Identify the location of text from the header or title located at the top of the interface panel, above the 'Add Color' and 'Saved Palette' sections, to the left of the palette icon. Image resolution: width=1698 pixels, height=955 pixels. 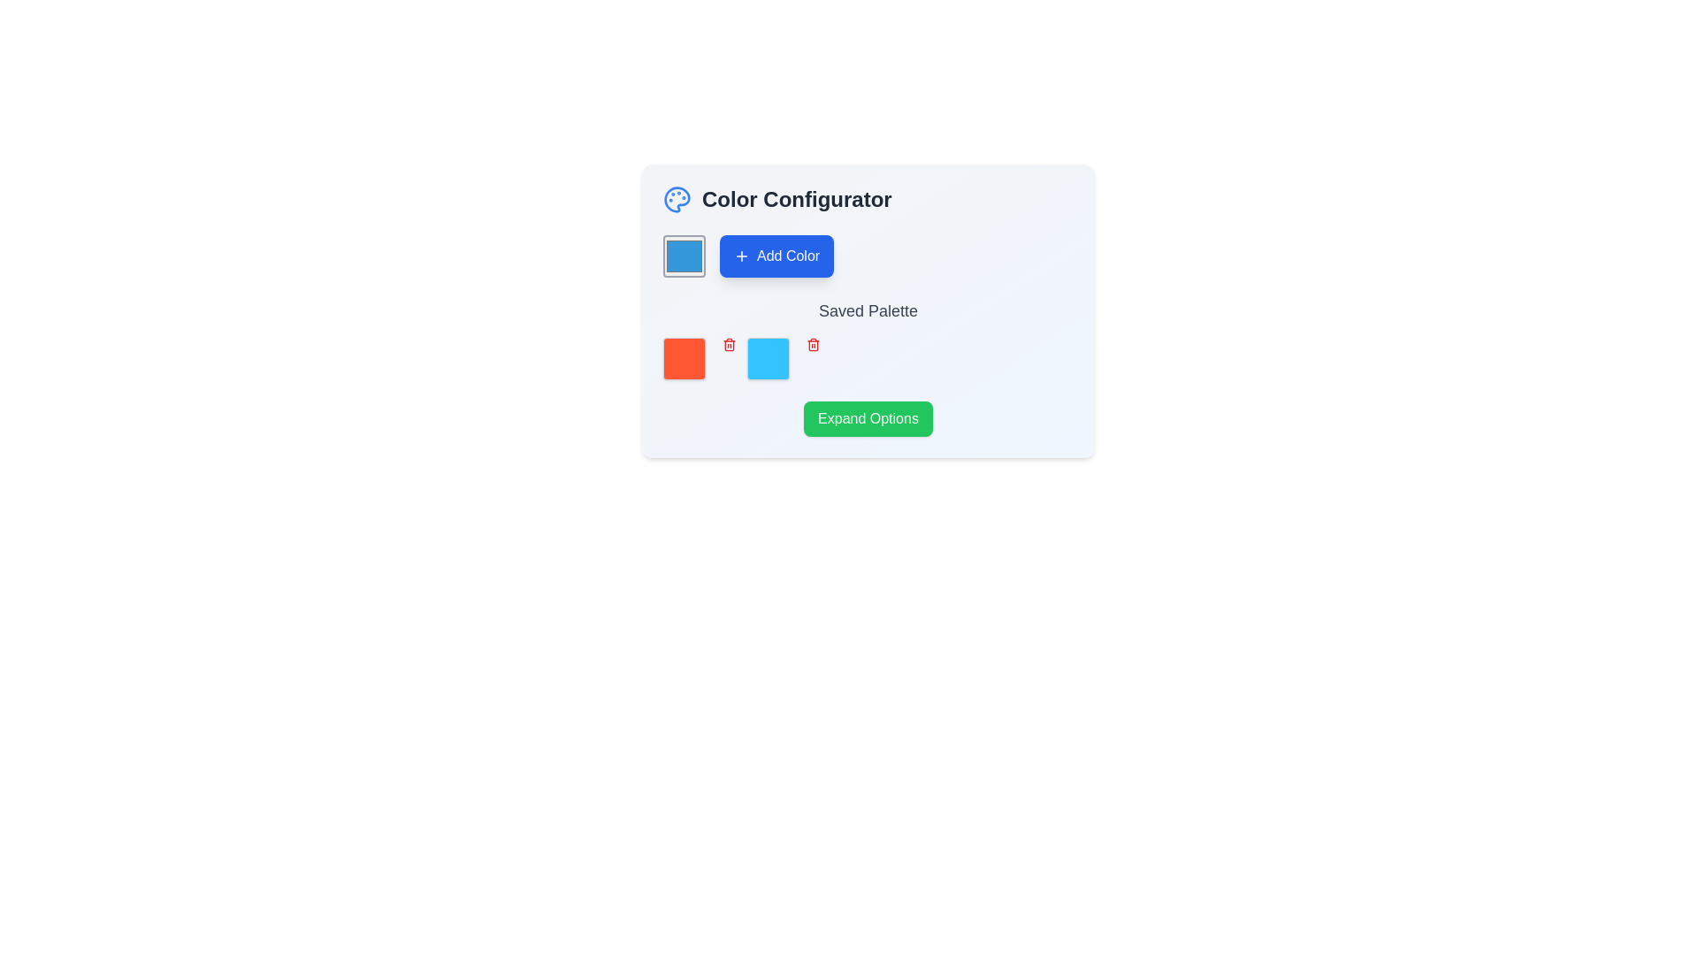
(868, 199).